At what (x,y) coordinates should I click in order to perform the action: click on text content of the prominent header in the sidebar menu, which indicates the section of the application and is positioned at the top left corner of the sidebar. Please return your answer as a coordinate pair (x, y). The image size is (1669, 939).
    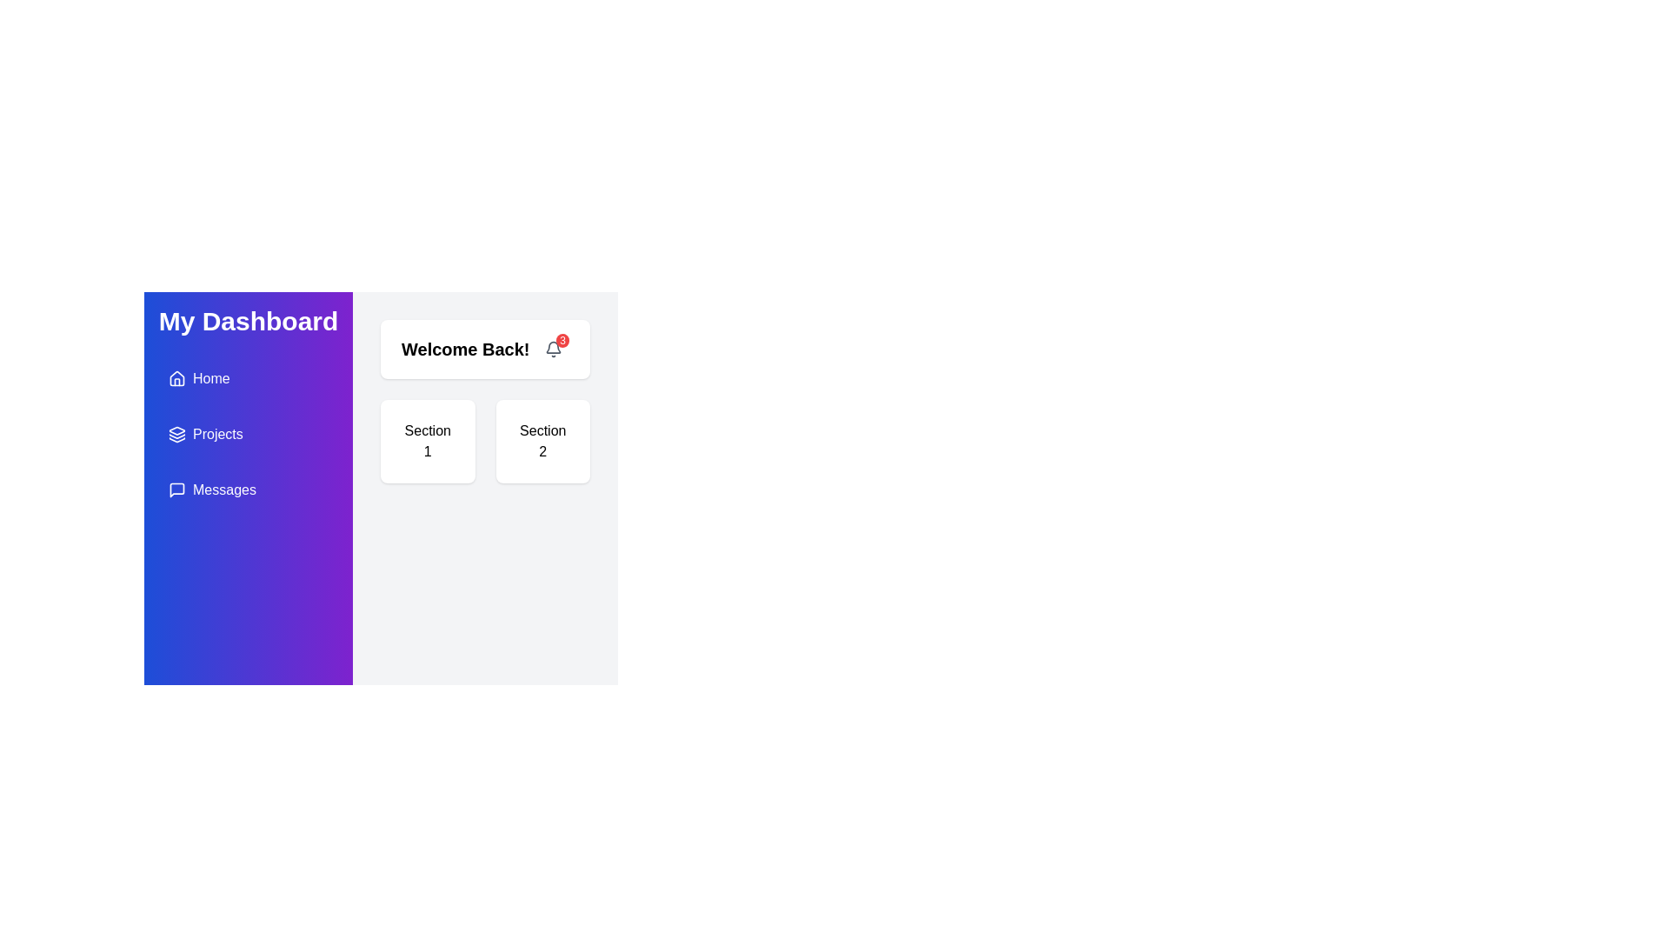
    Looking at the image, I should click on (248, 322).